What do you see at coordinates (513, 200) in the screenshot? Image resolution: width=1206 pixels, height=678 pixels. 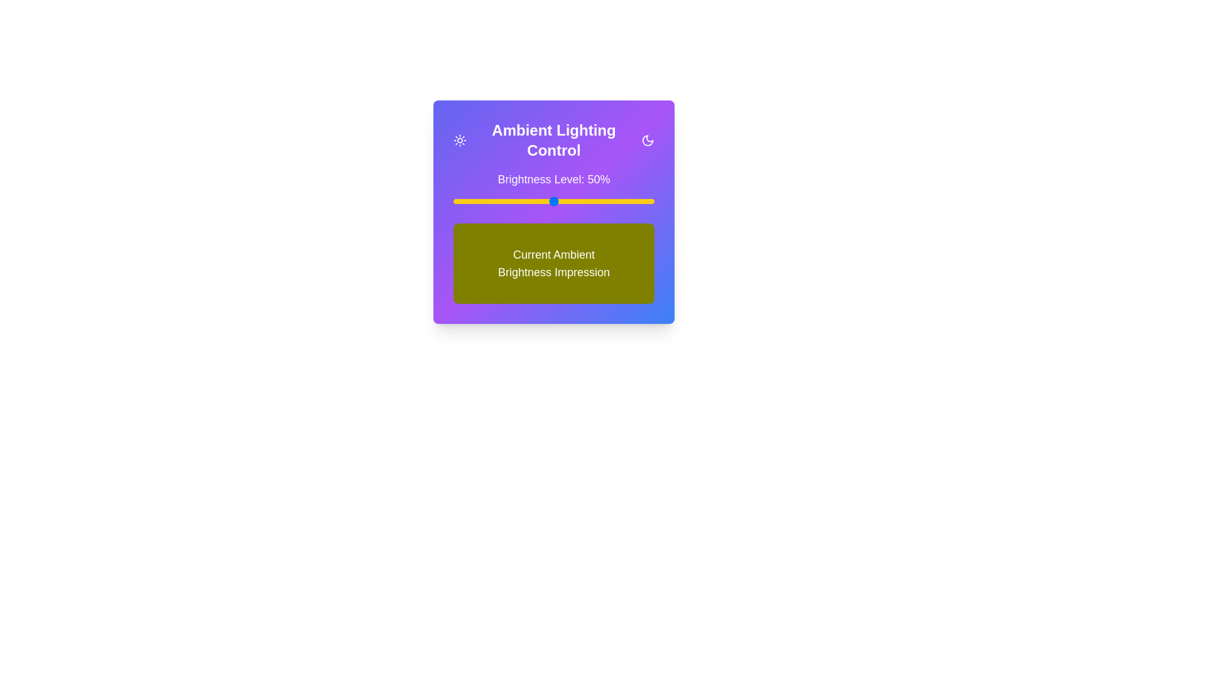 I see `the brightness level to 30% by moving the slider` at bounding box center [513, 200].